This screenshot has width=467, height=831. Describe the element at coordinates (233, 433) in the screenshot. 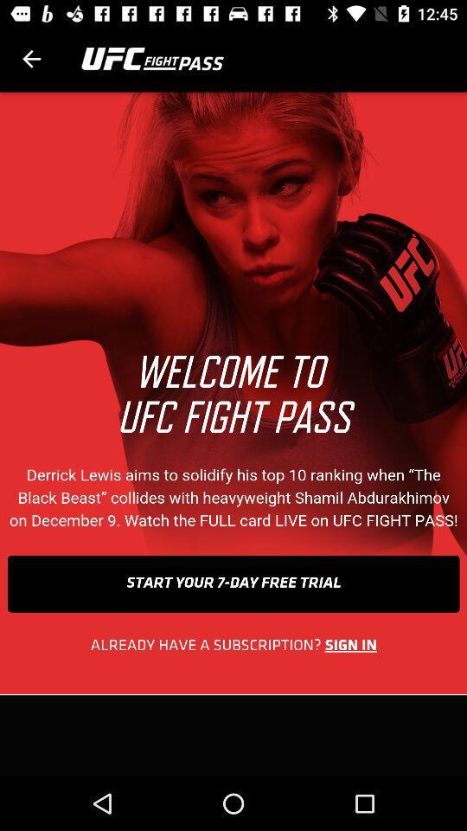

I see `welcome to ufc fight pass` at that location.